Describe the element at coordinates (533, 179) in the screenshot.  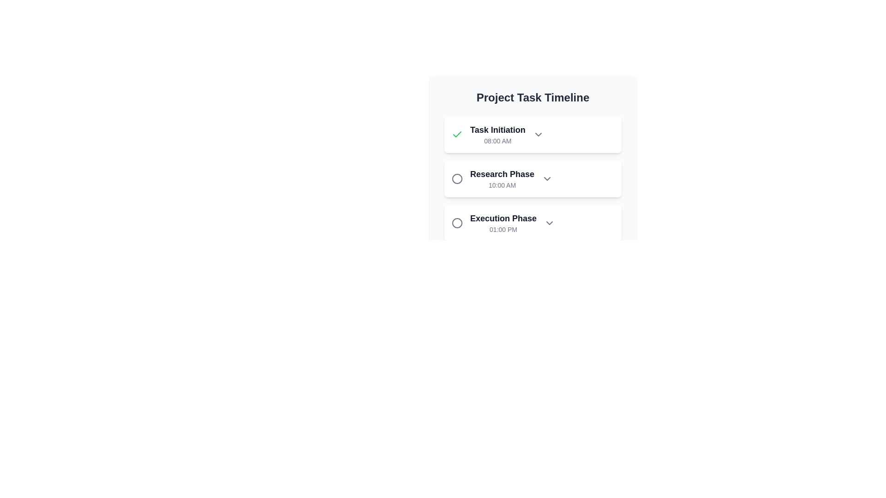
I see `the second task item in the vertical list` at that location.